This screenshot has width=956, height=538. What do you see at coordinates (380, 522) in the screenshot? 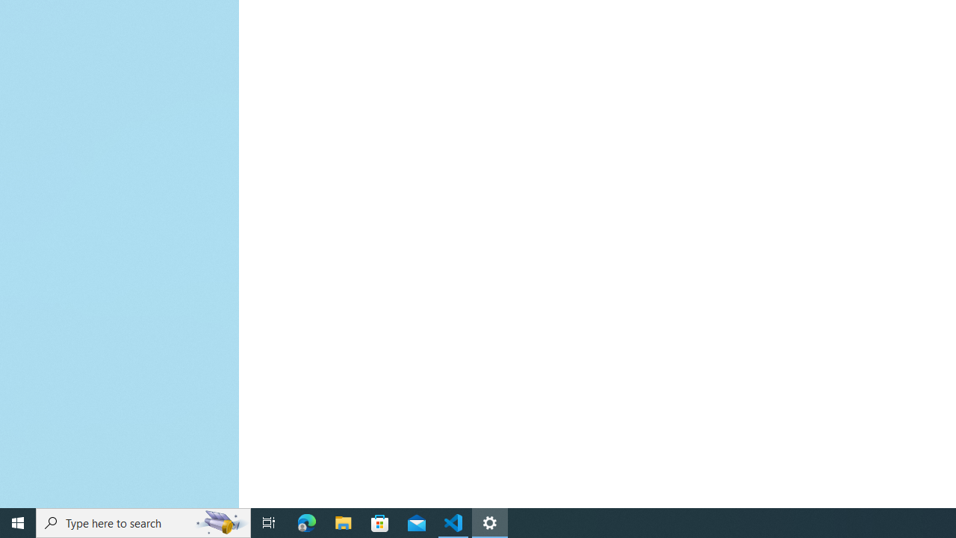
I see `'Microsoft Store'` at bounding box center [380, 522].